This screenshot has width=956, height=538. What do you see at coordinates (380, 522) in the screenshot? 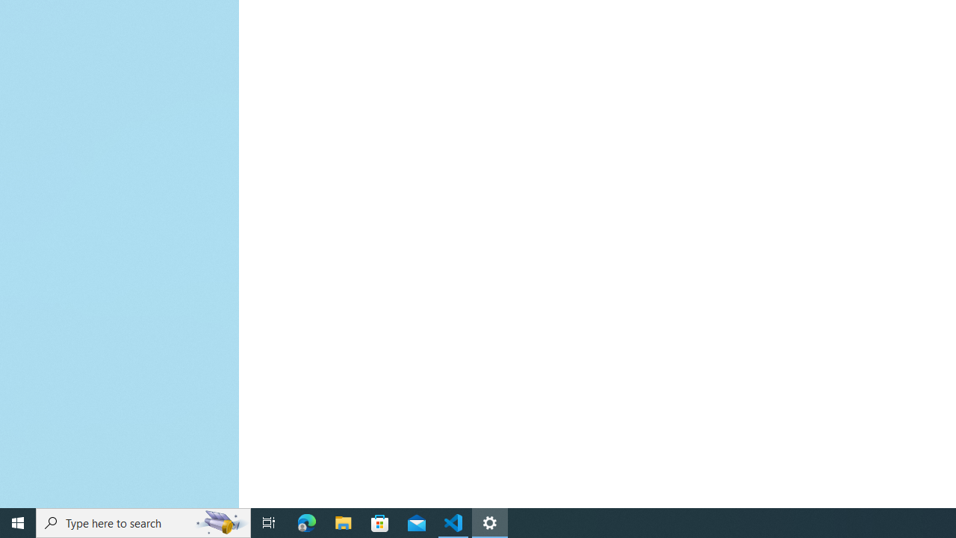
I see `'Microsoft Store'` at bounding box center [380, 522].